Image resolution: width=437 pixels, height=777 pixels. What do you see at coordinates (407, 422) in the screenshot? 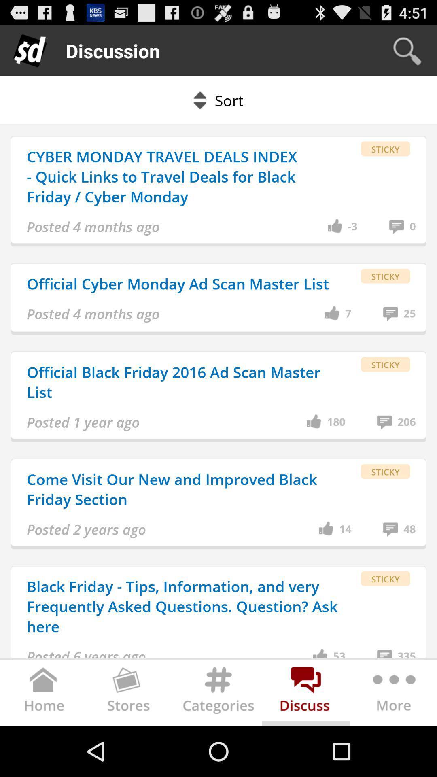
I see `the 206` at bounding box center [407, 422].